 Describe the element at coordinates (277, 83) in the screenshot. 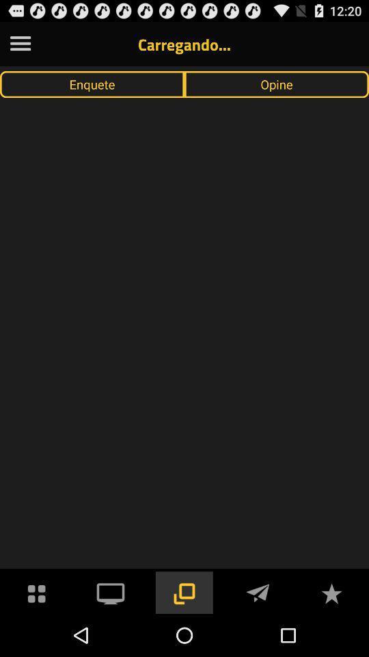

I see `the item next to the enquete` at that location.